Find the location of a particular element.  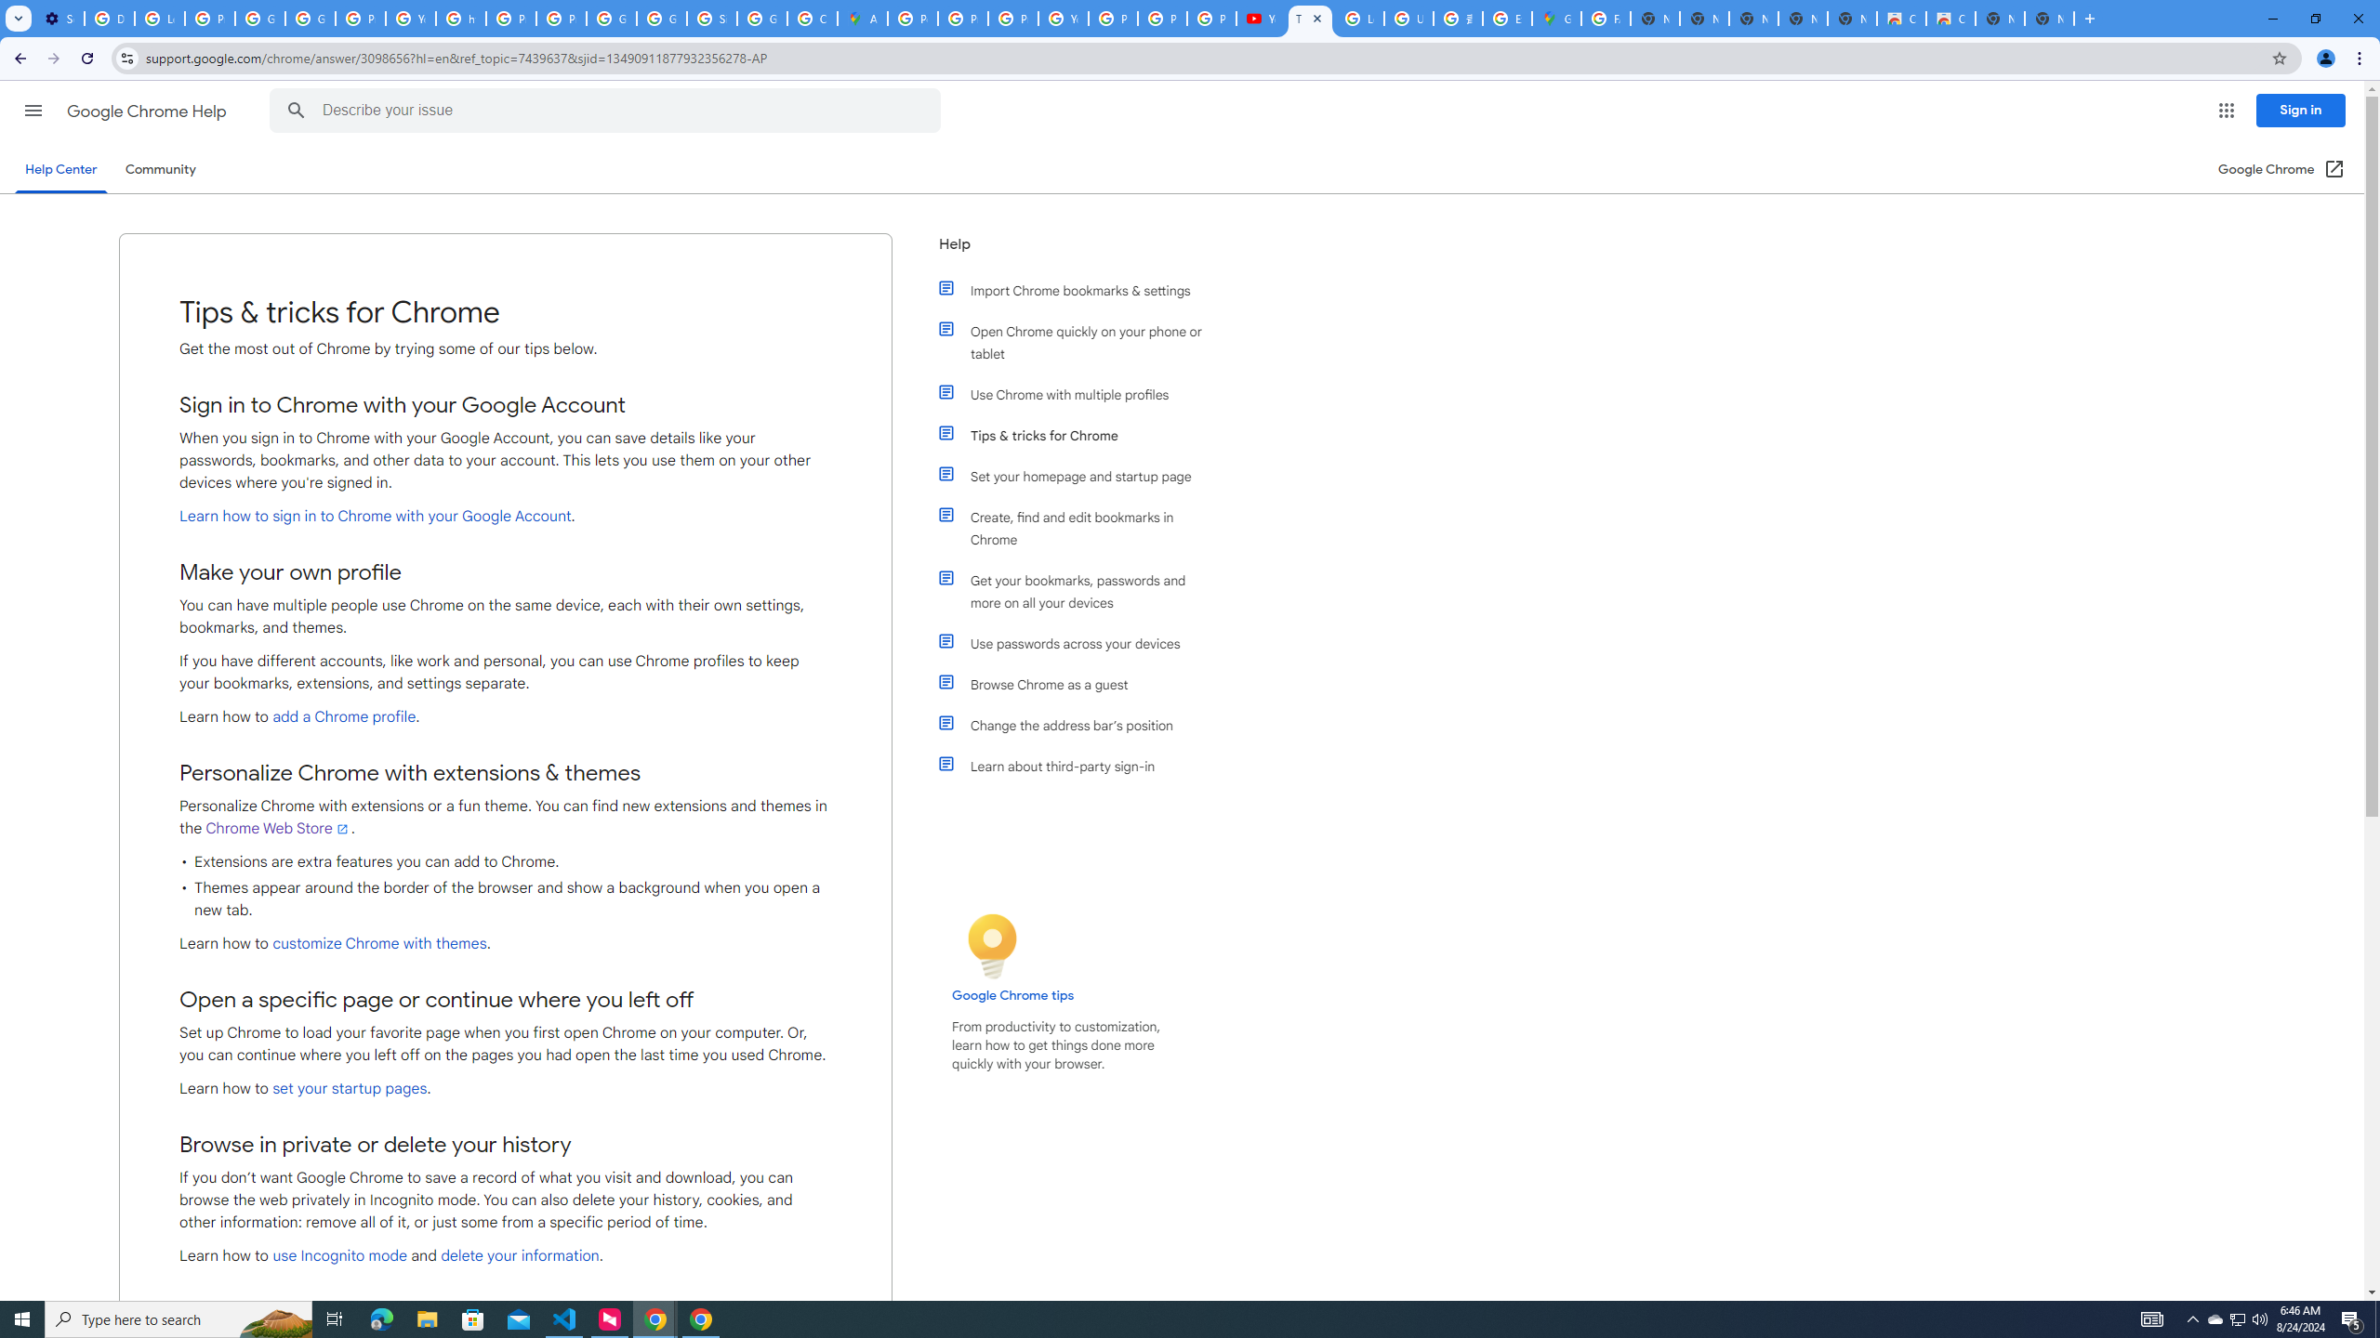

'Classic Blue - Chrome Web Store' is located at coordinates (1951, 18).